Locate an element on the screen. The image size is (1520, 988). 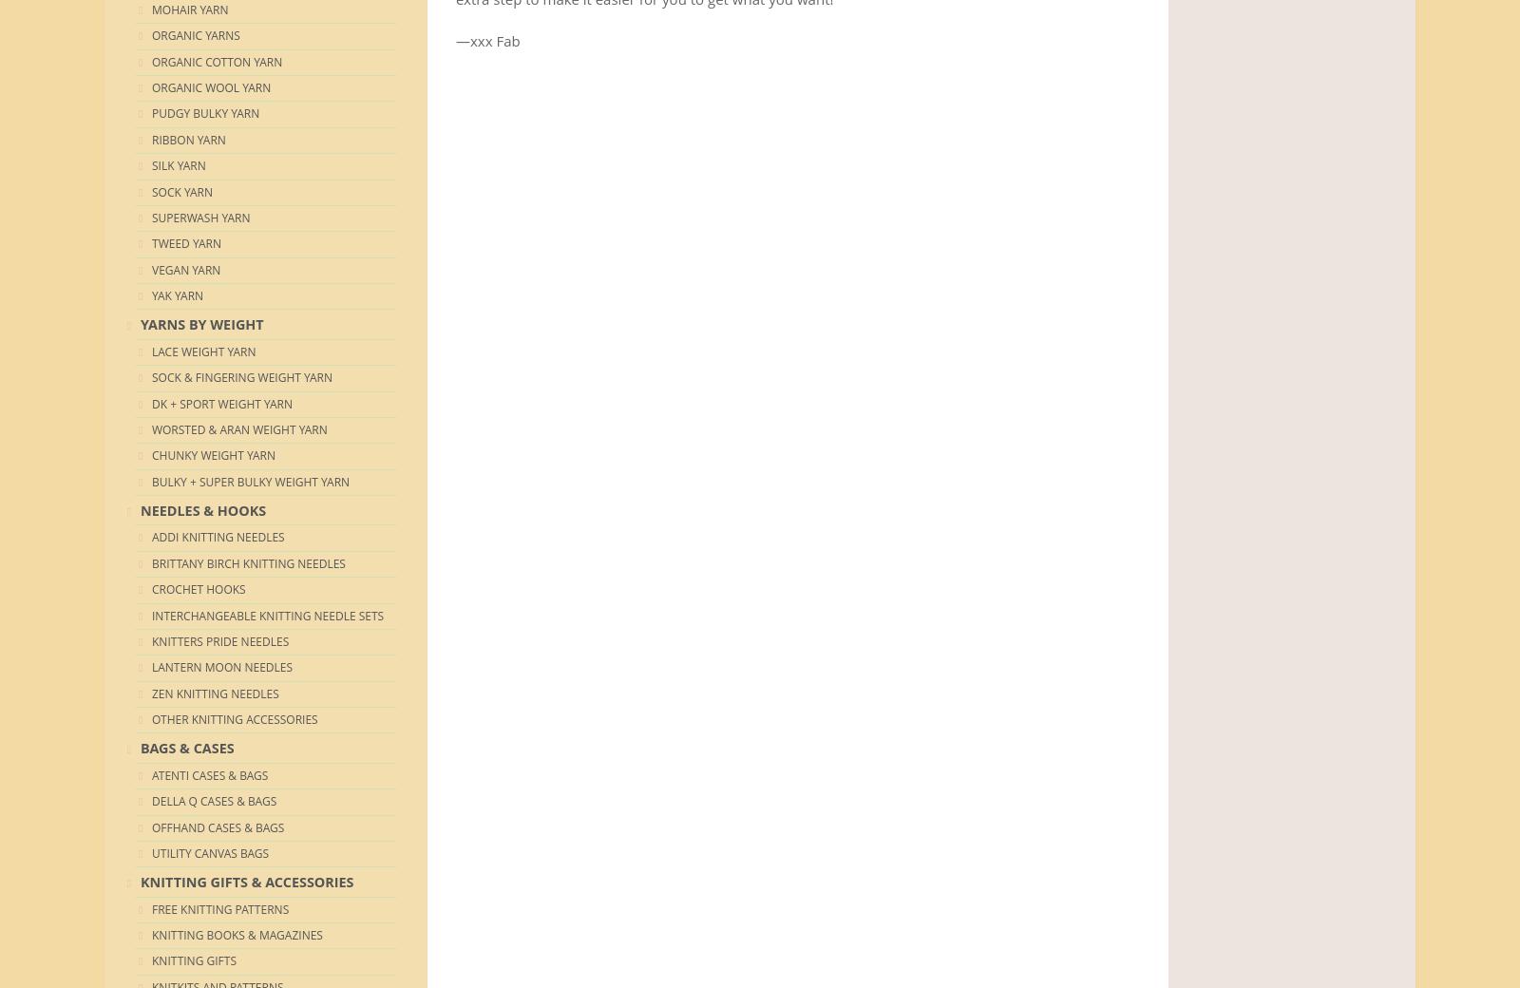
'utility canvas Bags' is located at coordinates (210, 851).